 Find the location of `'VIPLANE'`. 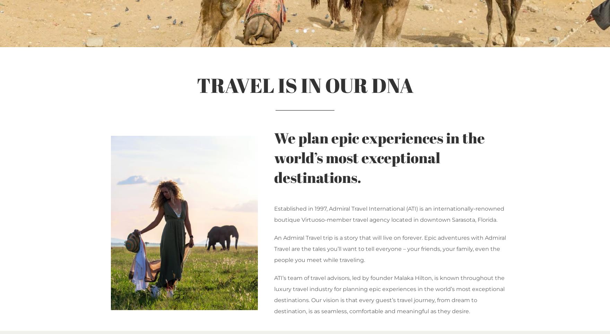

'VIPLANE' is located at coordinates (292, 152).